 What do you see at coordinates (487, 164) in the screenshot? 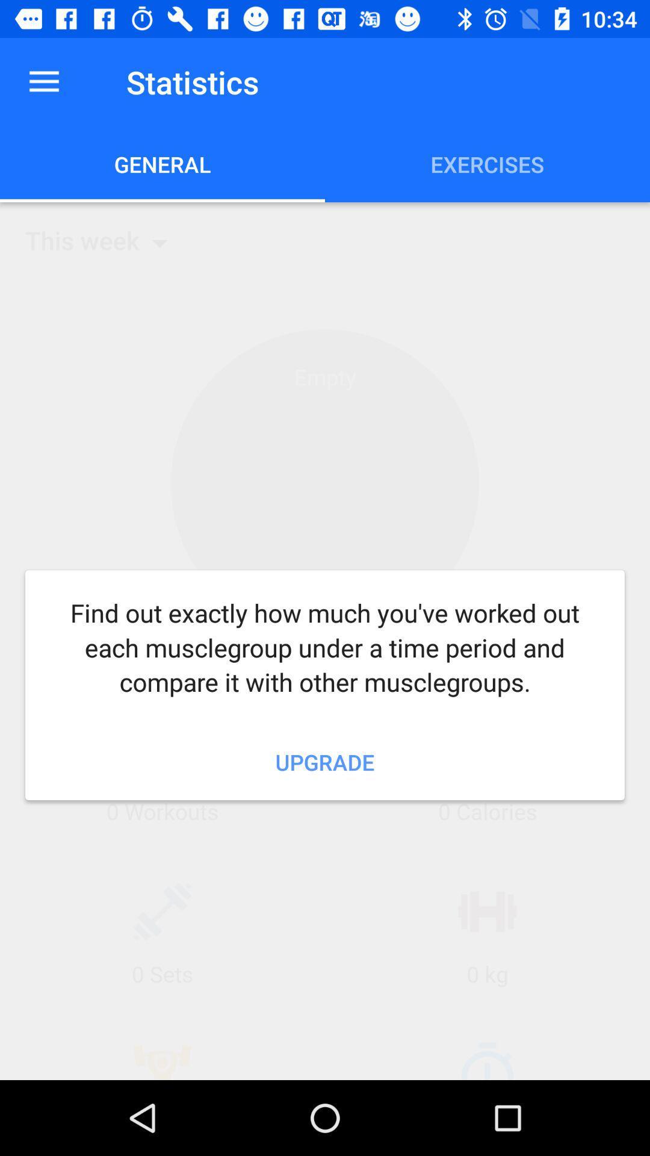
I see `exercises icon` at bounding box center [487, 164].